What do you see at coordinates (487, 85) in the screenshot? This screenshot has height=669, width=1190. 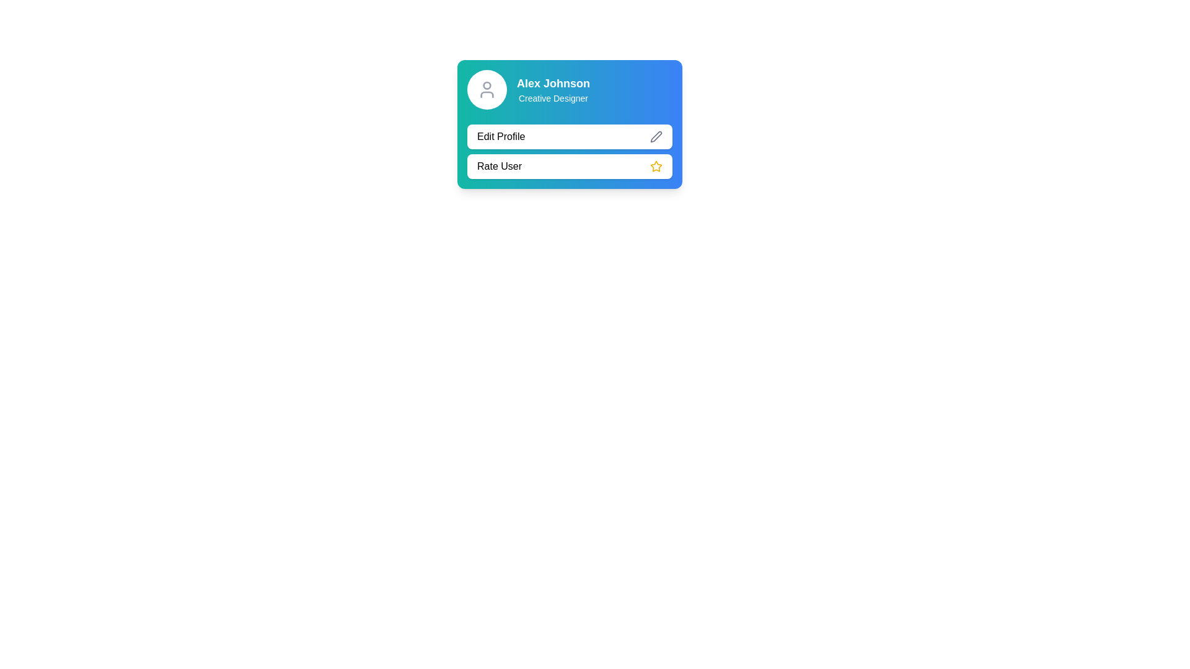 I see `the Graphical Icon Component that visually represents an aspect of the user avatar within the profile section, located above the name 'Alex Johnson'` at bounding box center [487, 85].